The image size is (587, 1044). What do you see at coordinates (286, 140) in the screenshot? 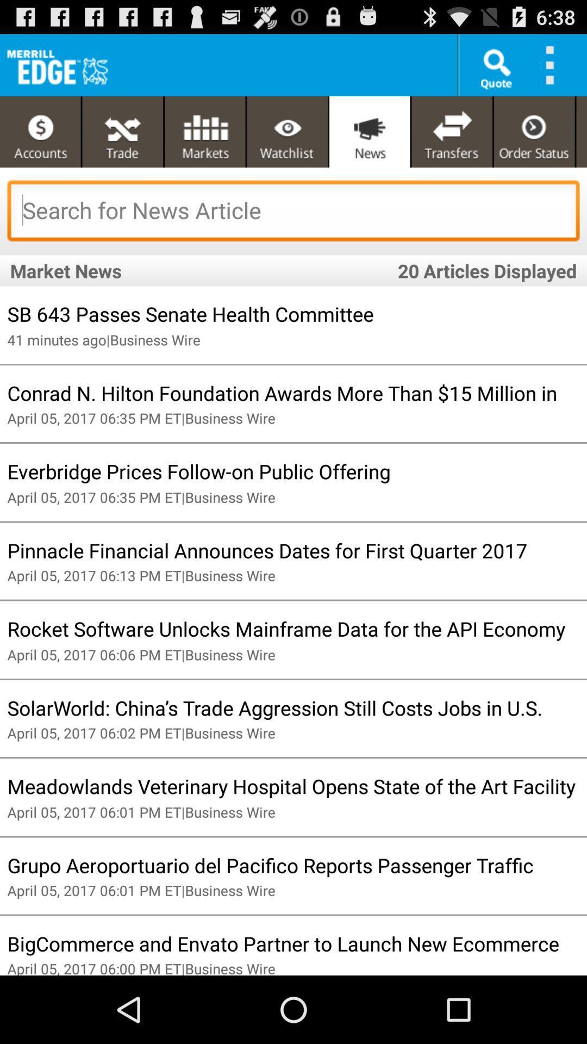
I see `the visibility icon` at bounding box center [286, 140].